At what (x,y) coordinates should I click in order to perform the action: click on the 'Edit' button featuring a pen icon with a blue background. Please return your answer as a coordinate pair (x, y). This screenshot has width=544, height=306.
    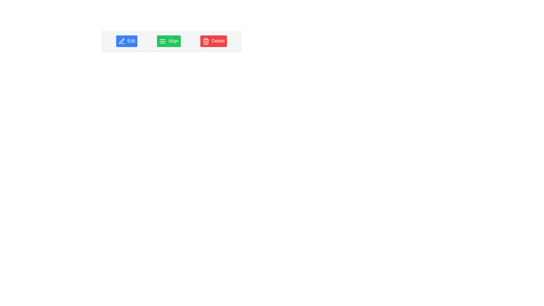
    Looking at the image, I should click on (121, 41).